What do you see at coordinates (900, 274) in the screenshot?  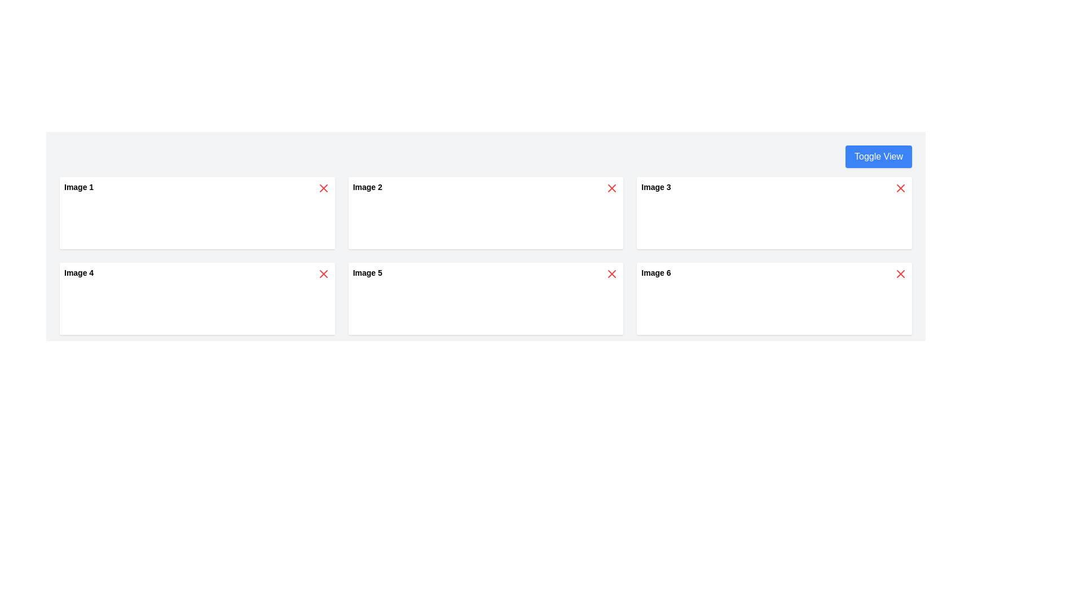 I see `the red 'x' icon located at the top-right corner of the second row's last card to potentially reveal a tooltip` at bounding box center [900, 274].